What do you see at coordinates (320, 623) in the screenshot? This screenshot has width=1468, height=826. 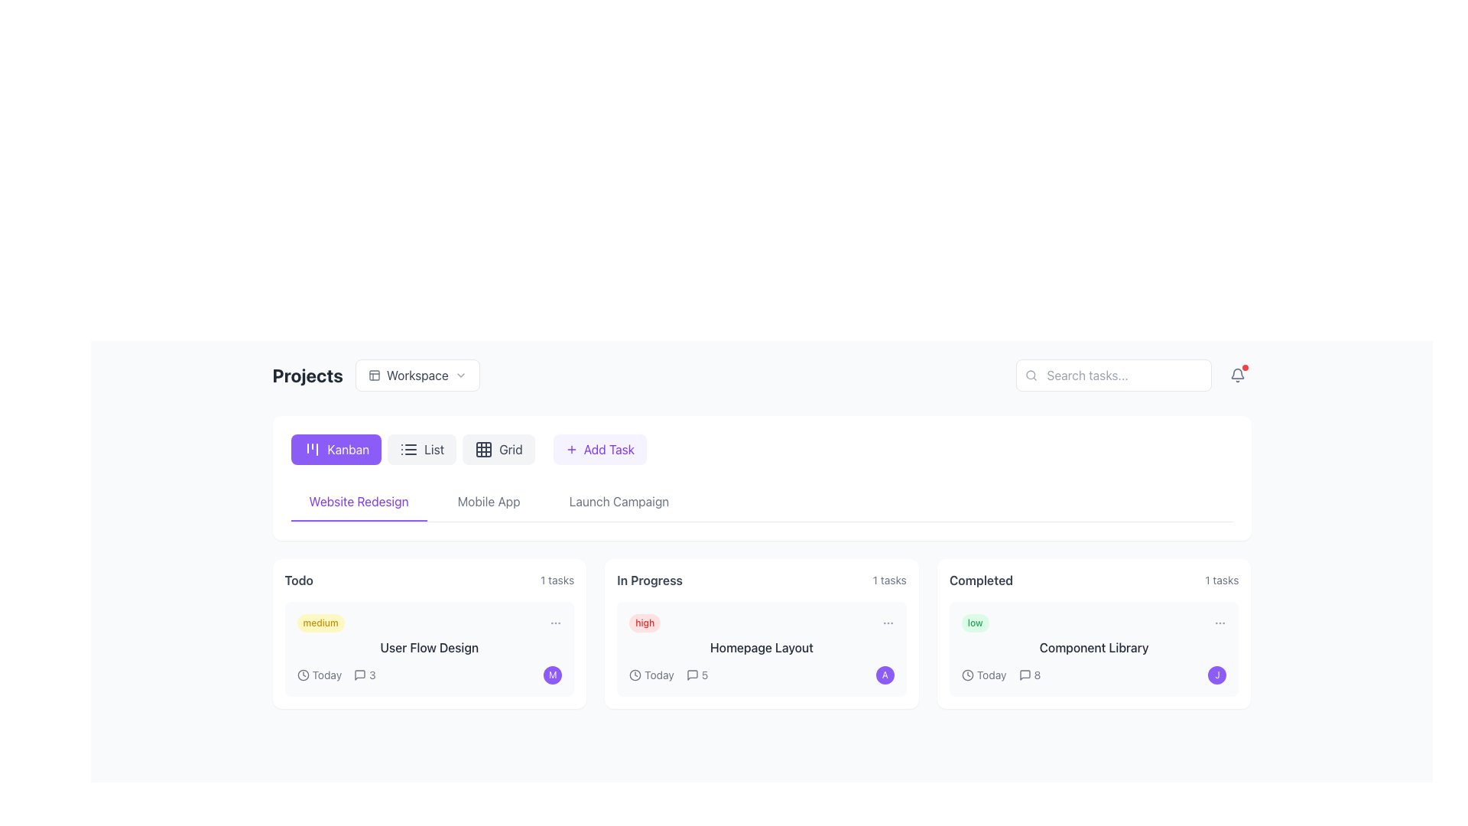 I see `the 'medium' status label located in the 'Todo' section of the 'User Flow Design' card` at bounding box center [320, 623].